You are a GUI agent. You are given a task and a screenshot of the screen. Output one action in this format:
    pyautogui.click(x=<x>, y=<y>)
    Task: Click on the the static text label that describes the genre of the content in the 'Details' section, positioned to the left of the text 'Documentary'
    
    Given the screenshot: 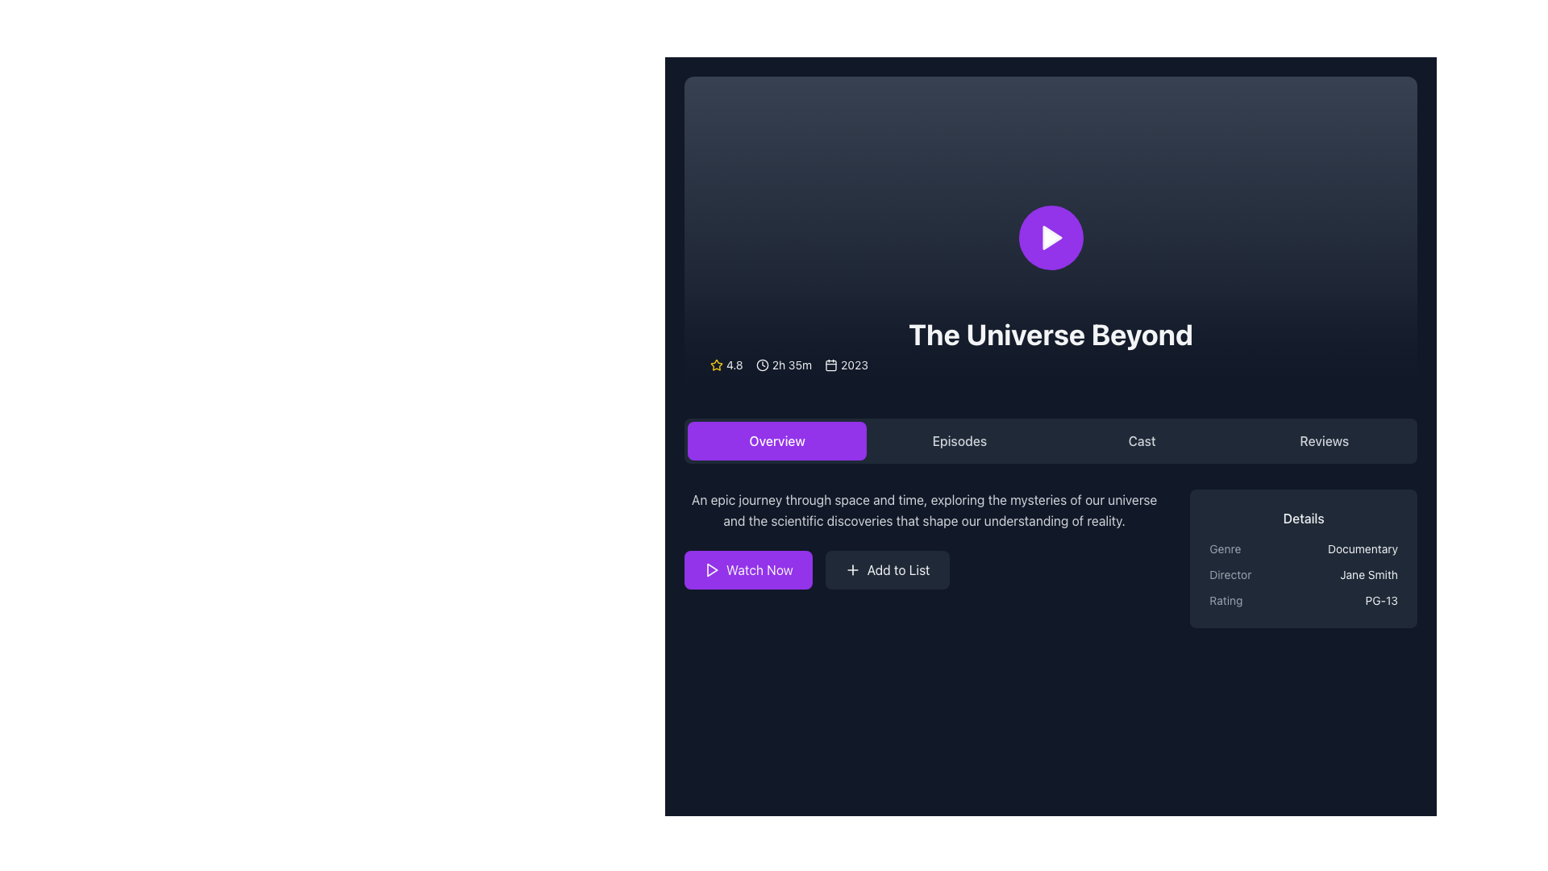 What is the action you would take?
    pyautogui.click(x=1225, y=548)
    